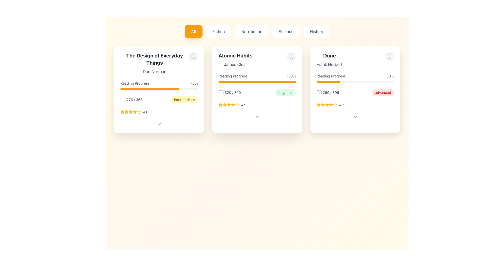 The width and height of the screenshot is (493, 277). I want to click on the tag-style component with rounded corners and a green background that reads 'beginner', located beside a progress element in the 'Atomic Habits' card module, so click(285, 93).